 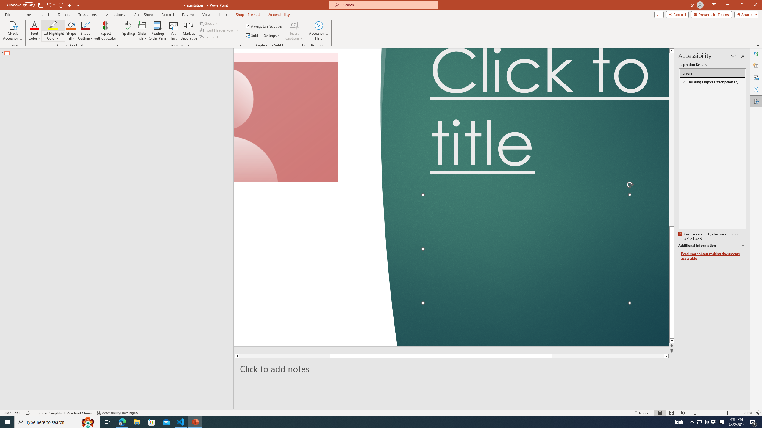 I want to click on 'Always Use Subtitles', so click(x=264, y=26).